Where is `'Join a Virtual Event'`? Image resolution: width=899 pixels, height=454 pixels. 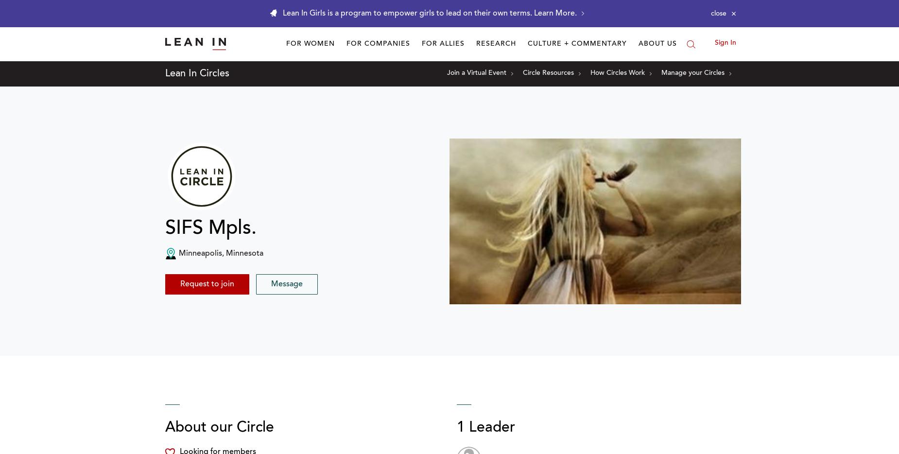
'Join a Virtual Event' is located at coordinates (476, 73).